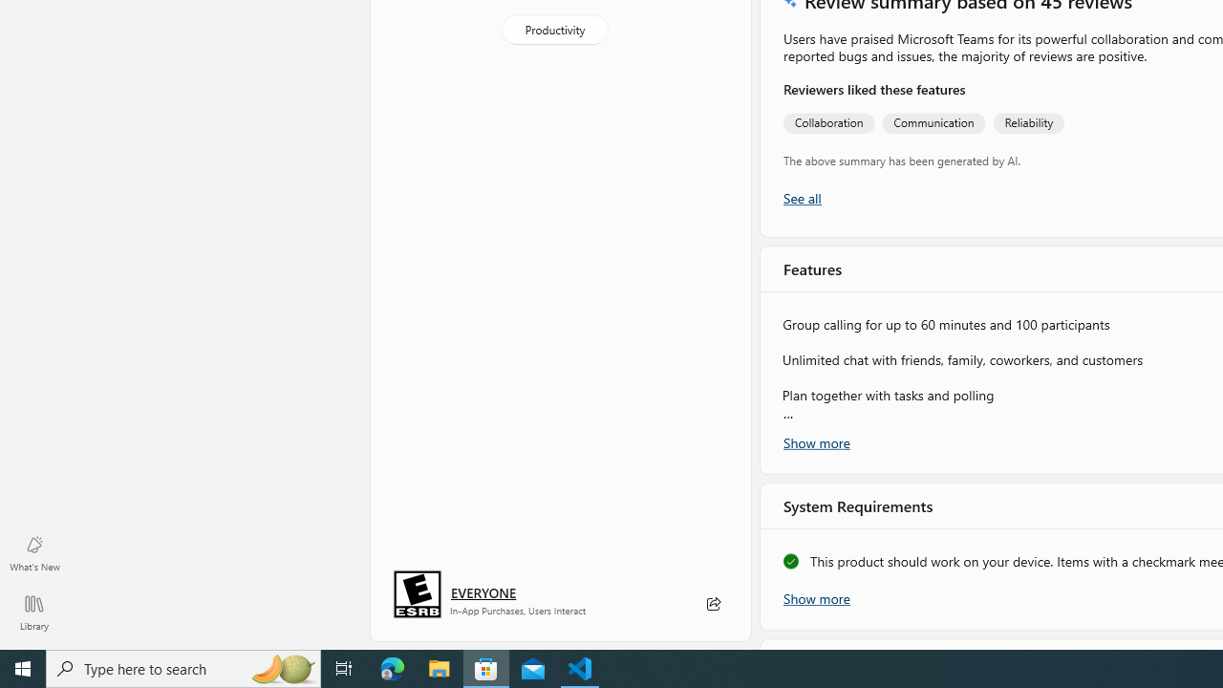 This screenshot has height=688, width=1223. Describe the element at coordinates (33, 612) in the screenshot. I see `'Library'` at that location.